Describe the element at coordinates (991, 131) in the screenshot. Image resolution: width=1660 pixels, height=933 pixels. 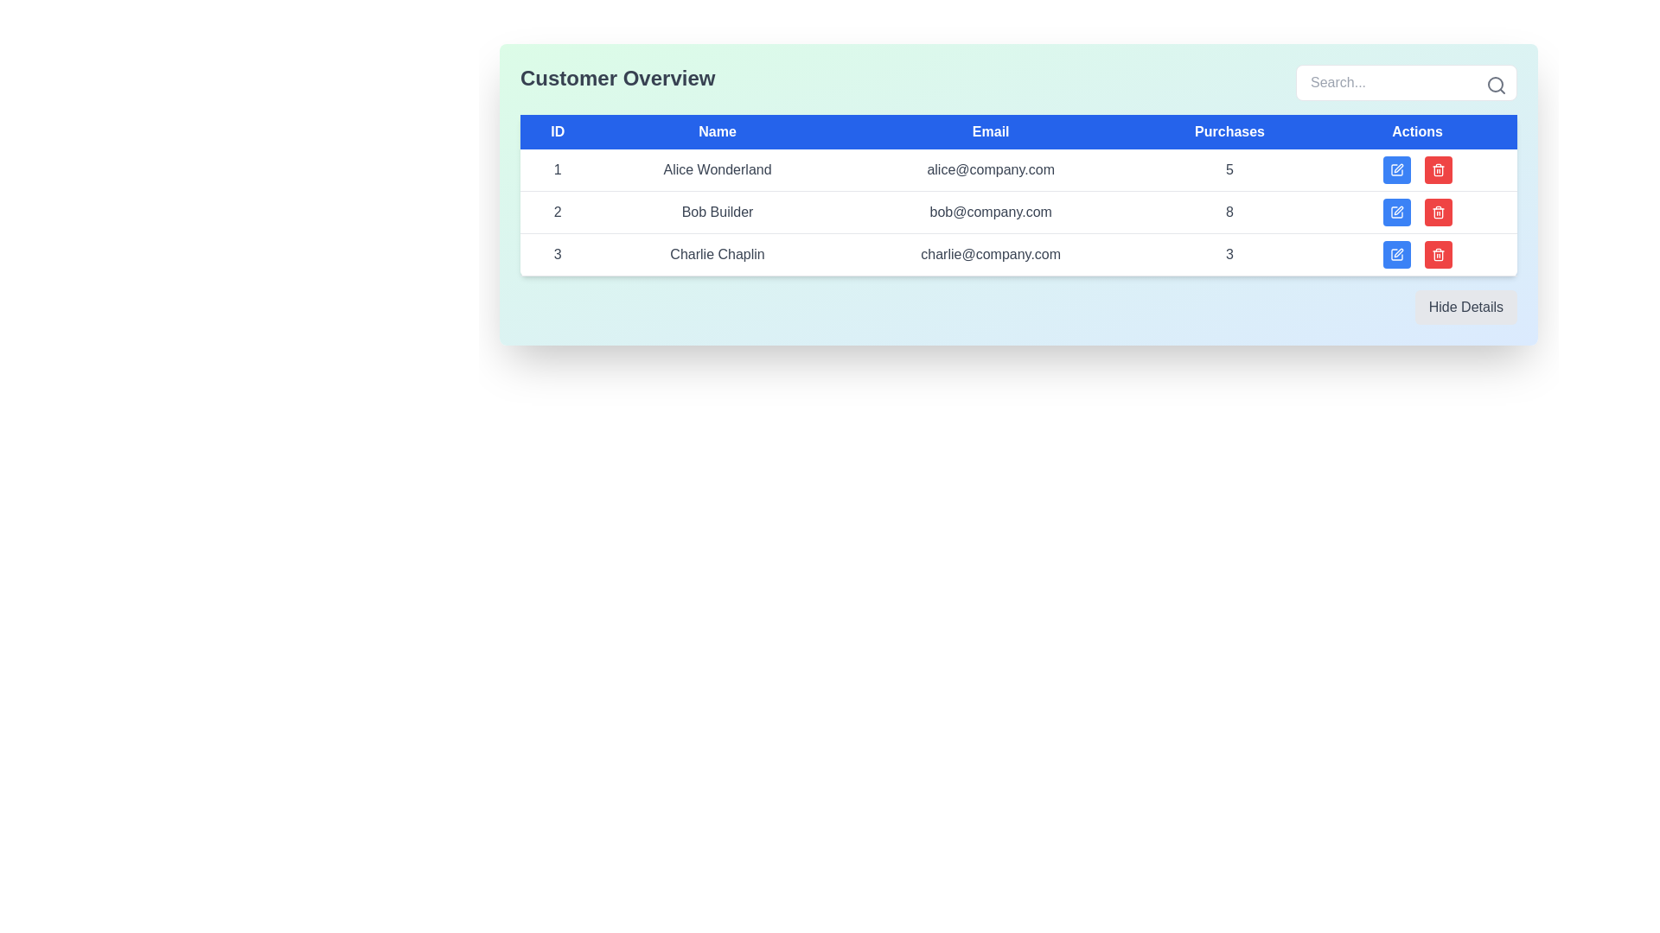
I see `the 'Email' header text label in the table, which is the third header from the left, positioned between the 'Name' and 'Purchases' headers` at that location.